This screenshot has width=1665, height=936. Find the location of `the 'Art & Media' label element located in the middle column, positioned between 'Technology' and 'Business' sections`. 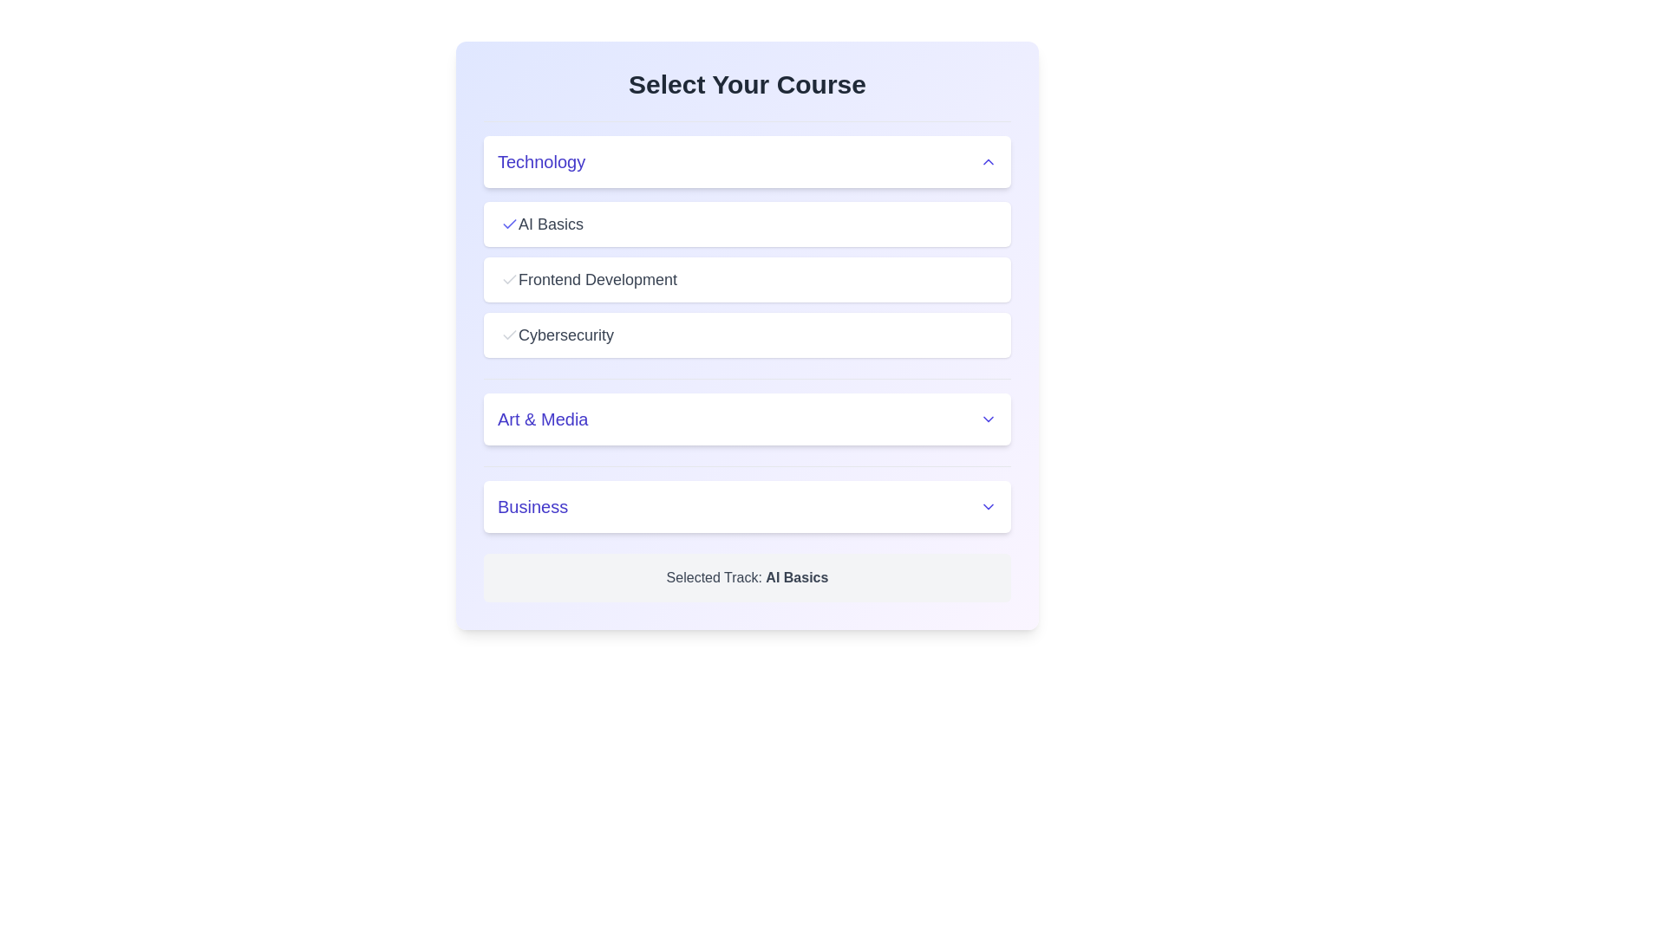

the 'Art & Media' label element located in the middle column, positioned between 'Technology' and 'Business' sections is located at coordinates (542, 419).